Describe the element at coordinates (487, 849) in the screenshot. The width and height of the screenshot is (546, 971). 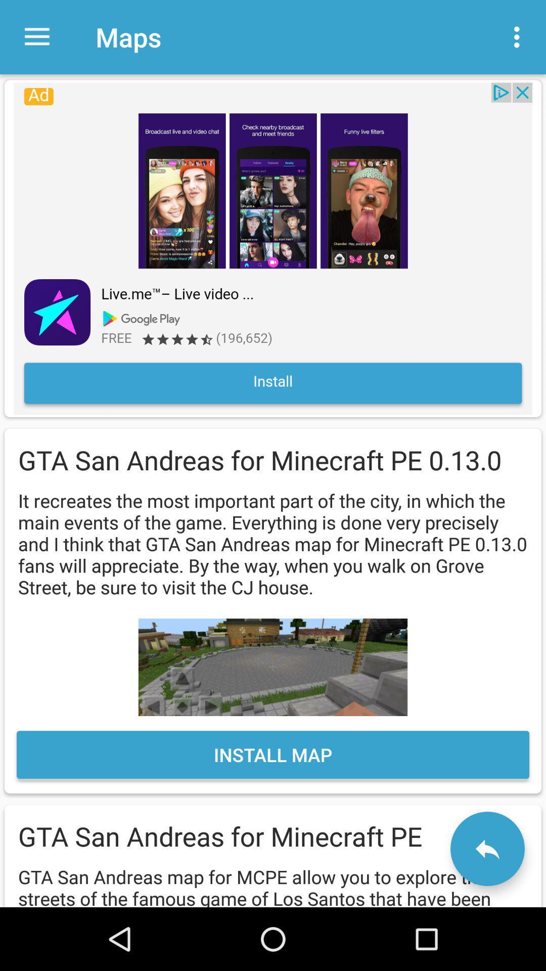
I see `reply` at that location.